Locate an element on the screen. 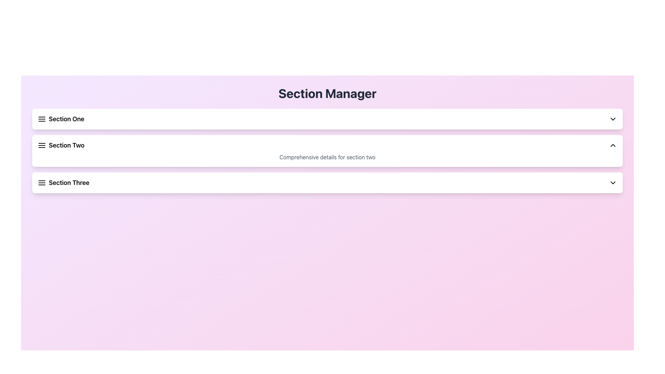 The height and width of the screenshot is (374, 665). the icon located in the rightmost section of the header for 'Section Three' is located at coordinates (613, 182).